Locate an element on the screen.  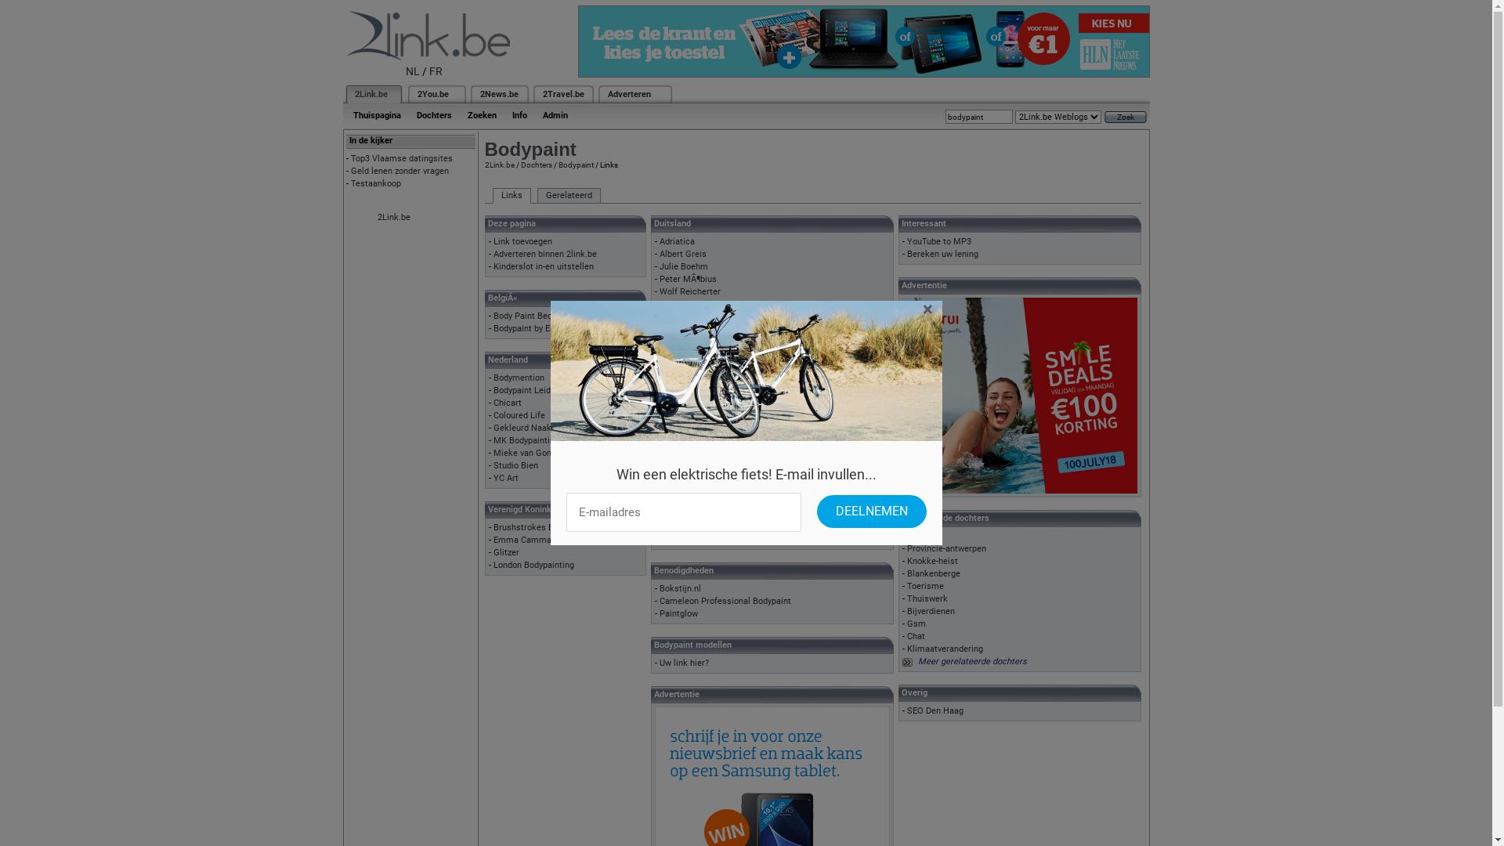
'2News.be' is located at coordinates (497, 94).